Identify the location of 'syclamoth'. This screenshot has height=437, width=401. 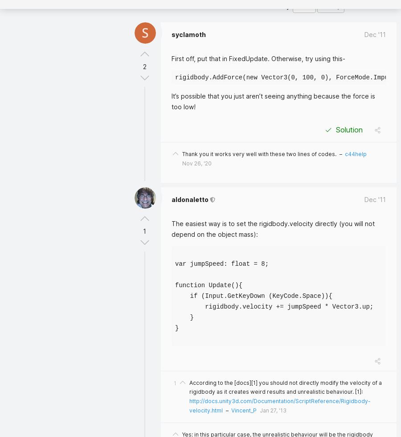
(188, 34).